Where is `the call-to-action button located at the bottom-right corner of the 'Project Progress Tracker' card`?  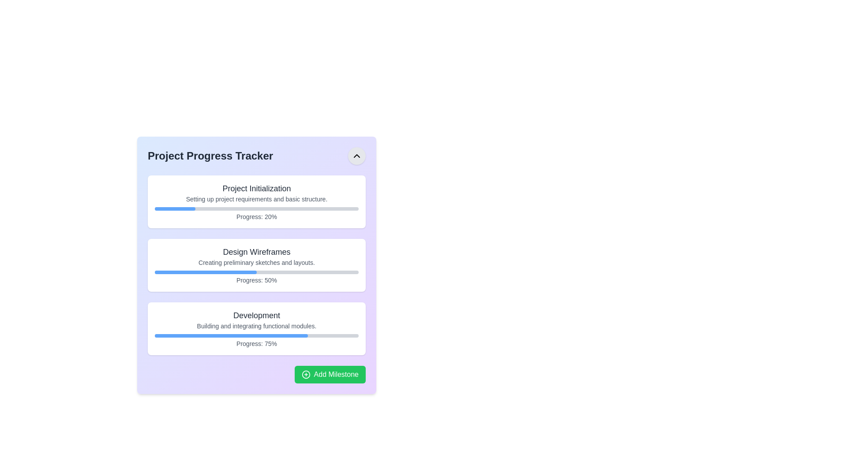 the call-to-action button located at the bottom-right corner of the 'Project Progress Tracker' card is located at coordinates (256, 374).